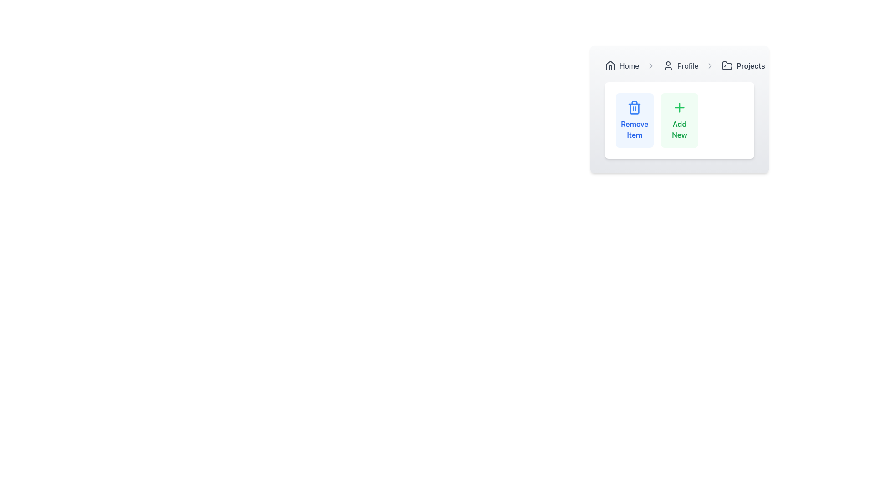  Describe the element at coordinates (710, 65) in the screenshot. I see `the right chevron icon in the breadcrumb navigation that separates 'Profile' and 'Projects' as a visual cue` at that location.